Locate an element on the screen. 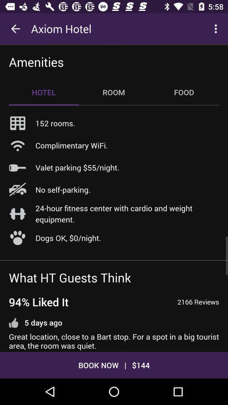 This screenshot has width=228, height=405. item below the what ht guests is located at coordinates (38, 302).